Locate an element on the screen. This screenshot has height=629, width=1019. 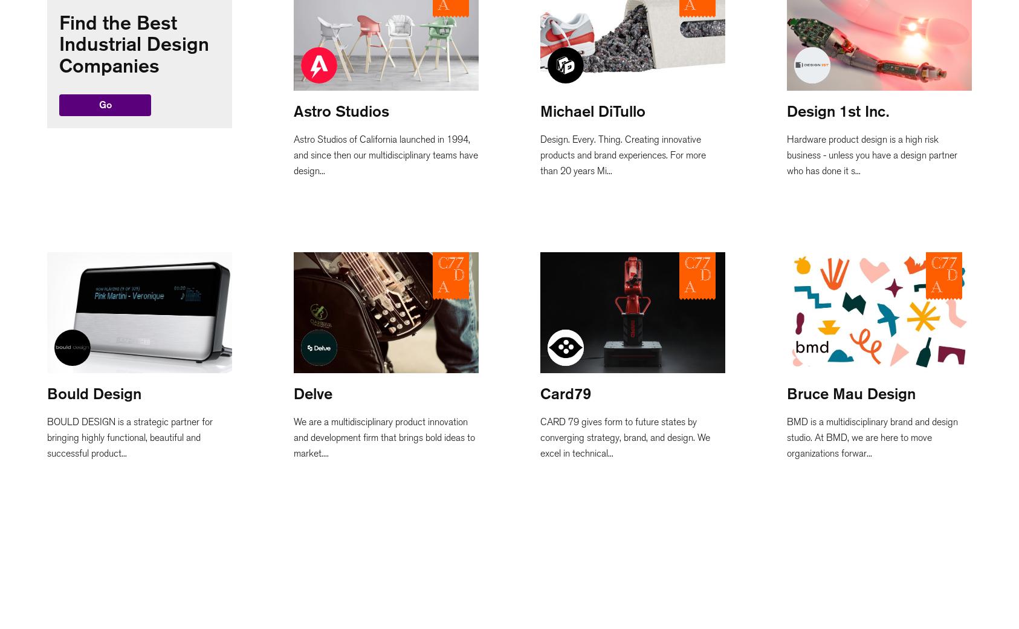
'Bould Design' is located at coordinates (94, 393).